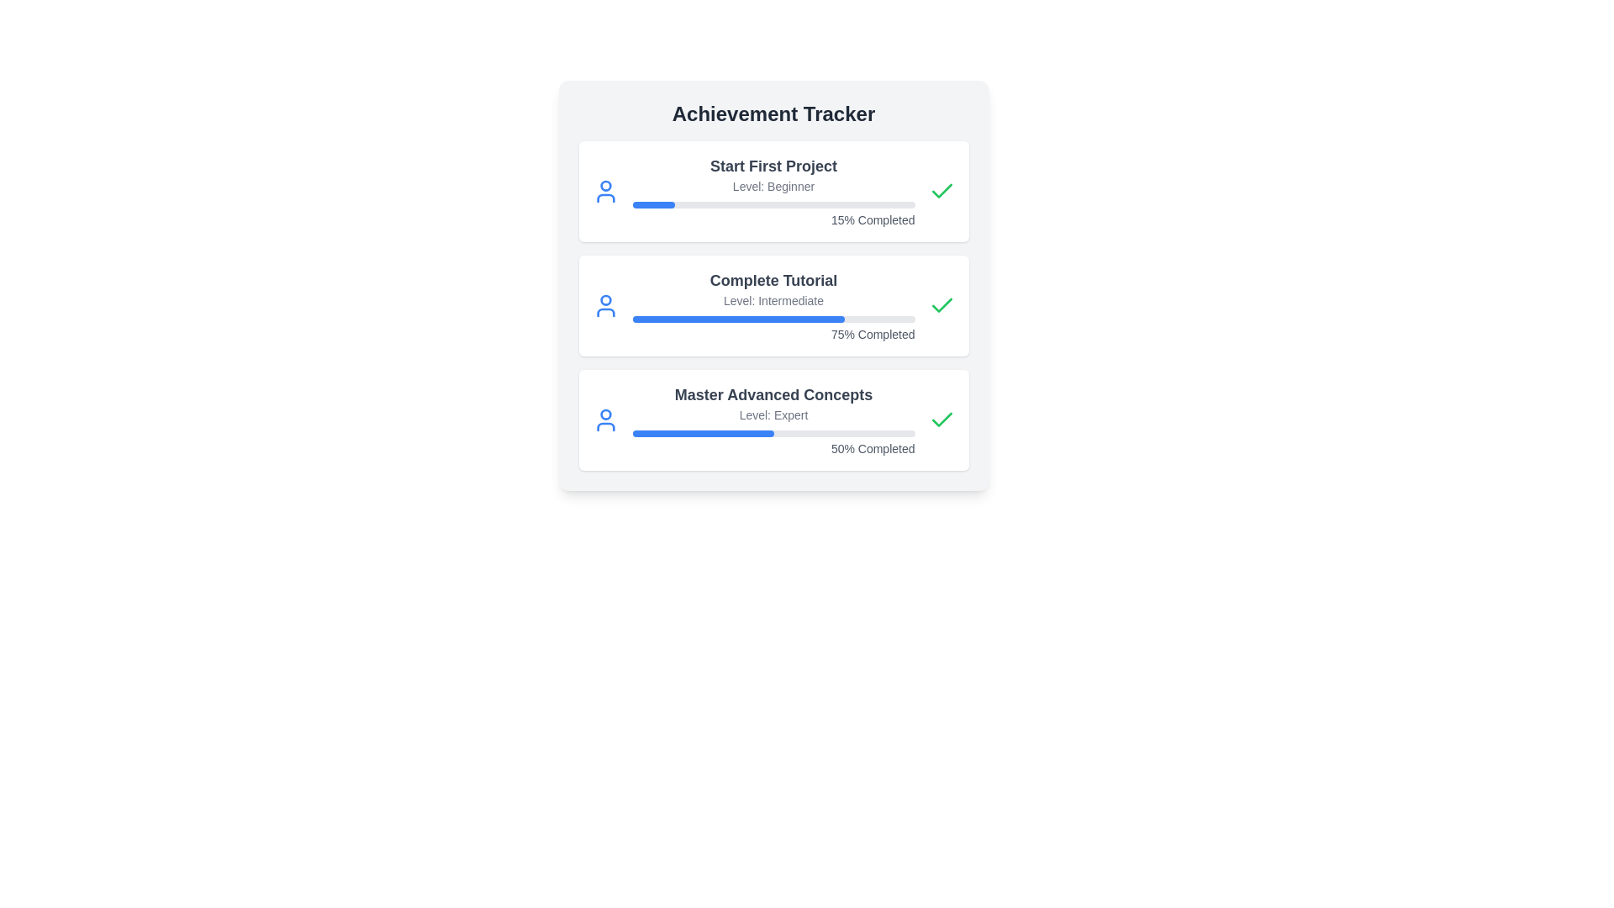 The image size is (1614, 908). Describe the element at coordinates (605, 305) in the screenshot. I see `the user achievement icon representing the 'Complete Tutorial' achievement, located to the far left within the 'Complete Tutorial' section of the achievement tracker interface` at that location.